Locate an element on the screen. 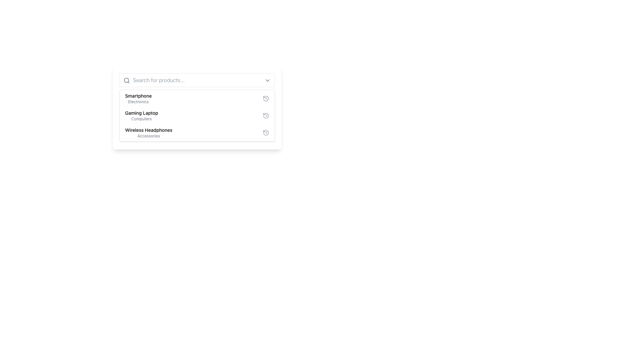 This screenshot has height=355, width=632. the static text label displaying 'Electronics', which is styled in a small gray font and positioned directly below the 'Smartphone' text is located at coordinates (138, 102).